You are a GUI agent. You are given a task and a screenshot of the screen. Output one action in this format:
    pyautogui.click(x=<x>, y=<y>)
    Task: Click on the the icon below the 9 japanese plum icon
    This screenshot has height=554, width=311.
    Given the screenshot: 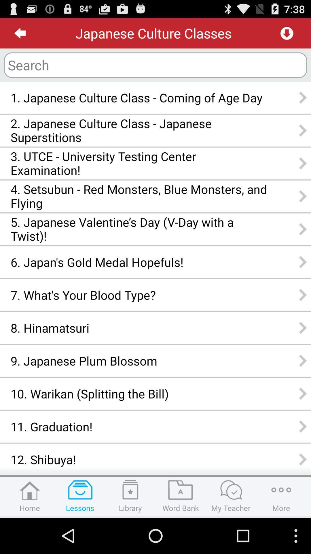 What is the action you would take?
    pyautogui.click(x=139, y=393)
    